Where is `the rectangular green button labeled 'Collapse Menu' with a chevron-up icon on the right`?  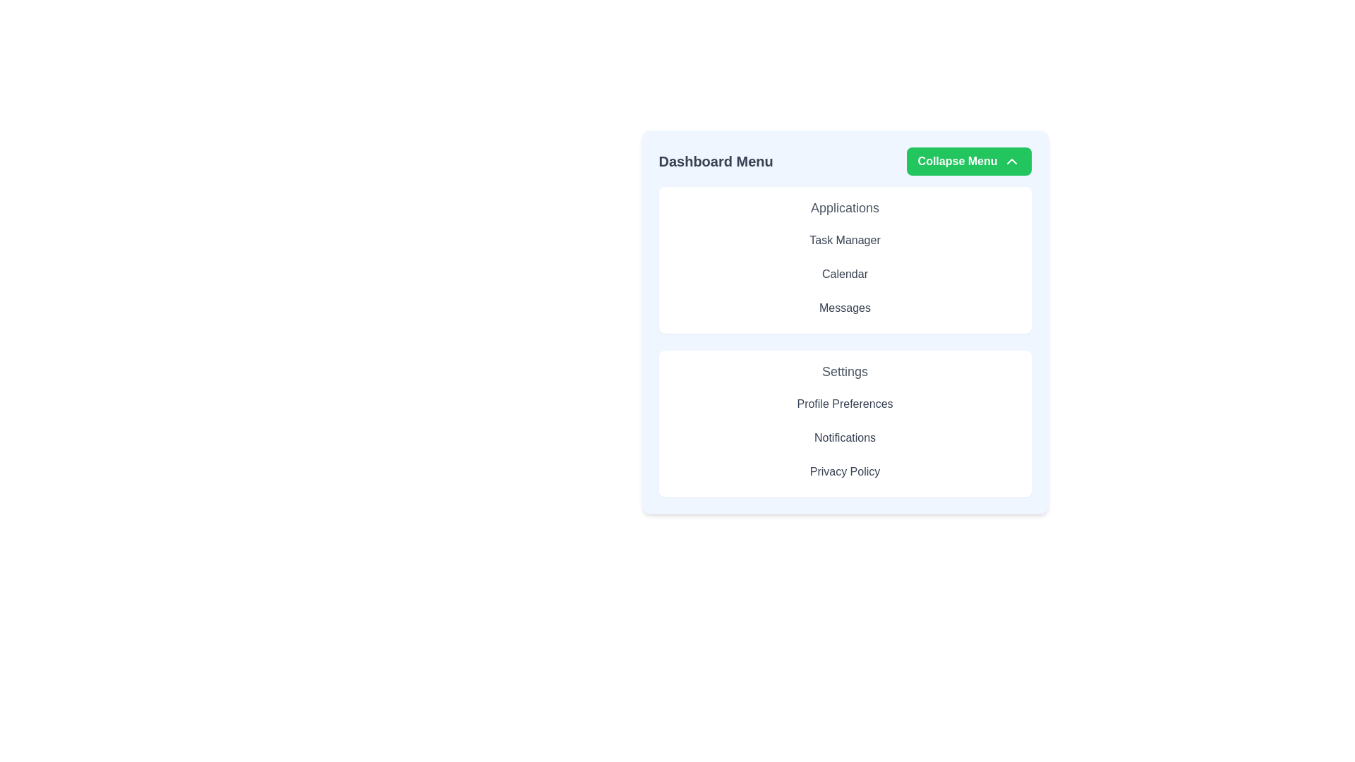
the rectangular green button labeled 'Collapse Menu' with a chevron-up icon on the right is located at coordinates (968, 160).